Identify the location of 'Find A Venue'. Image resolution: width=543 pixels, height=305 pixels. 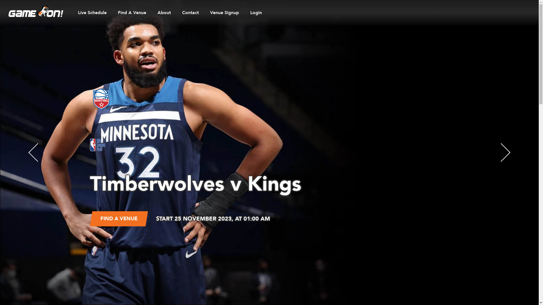
(132, 13).